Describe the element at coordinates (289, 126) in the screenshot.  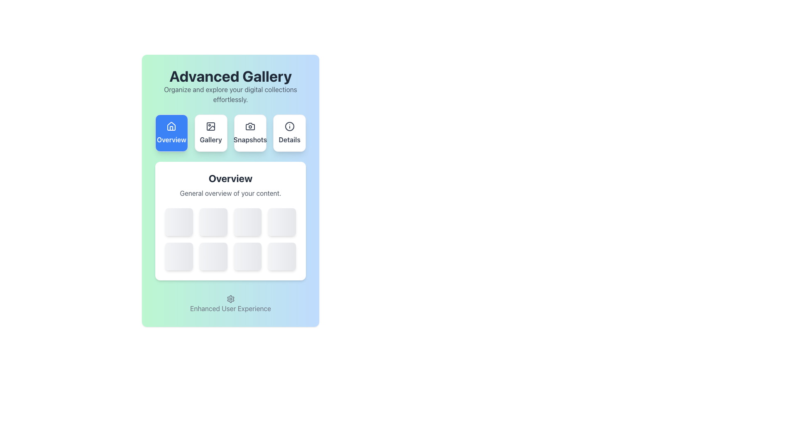
I see `the SVG graphical icon representing the 'Details' button, which is located in the top-right corner of the group of buttons, immediately above the text 'Details'` at that location.